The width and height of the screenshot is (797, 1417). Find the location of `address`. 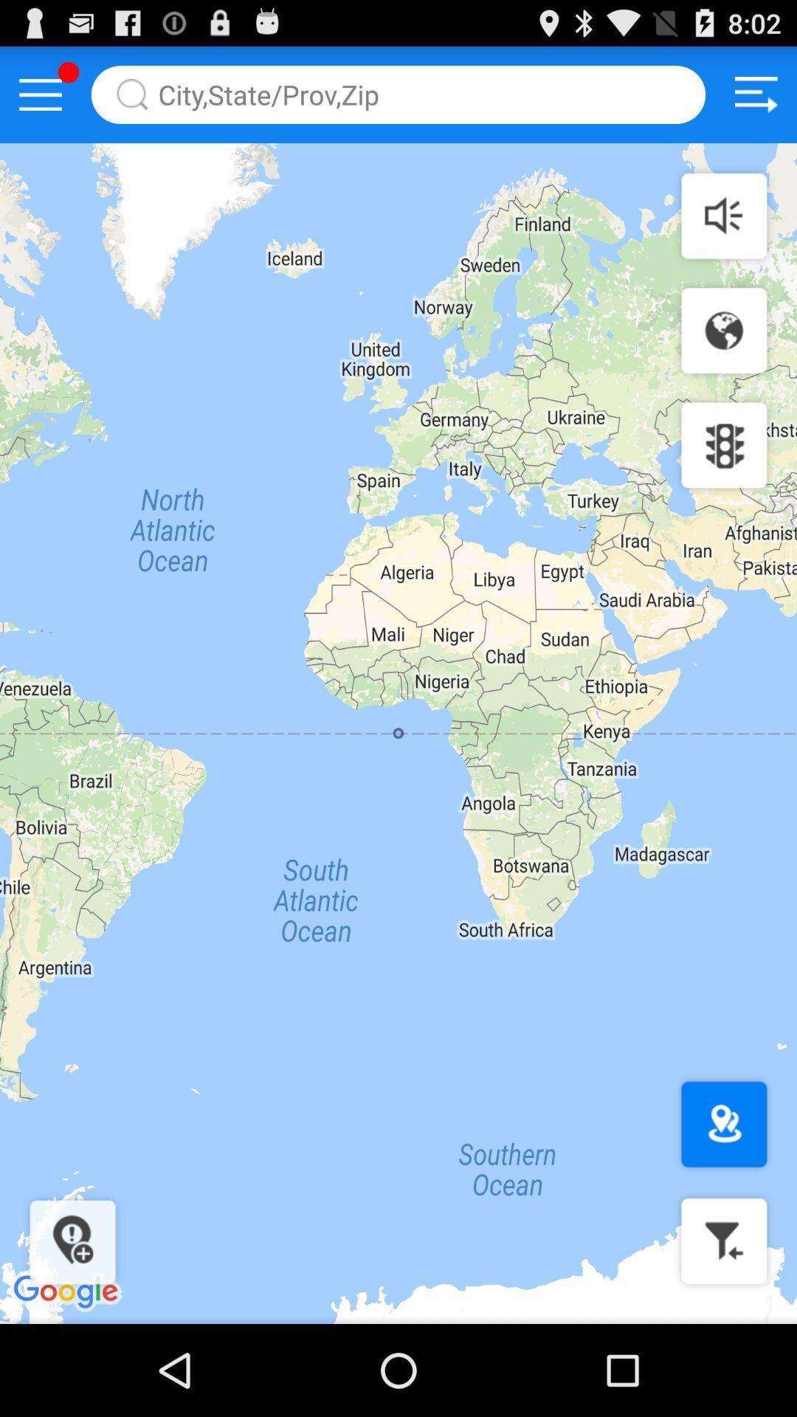

address is located at coordinates (398, 94).